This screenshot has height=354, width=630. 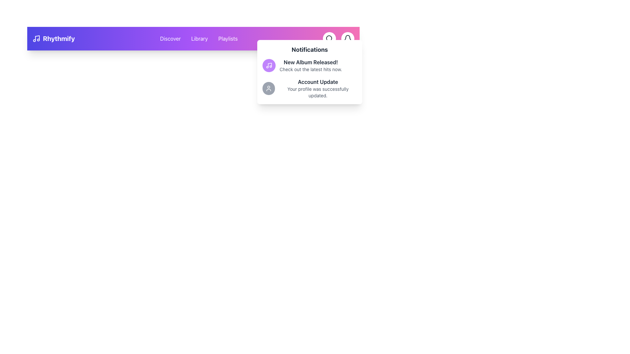 What do you see at coordinates (193, 39) in the screenshot?
I see `the navigation link in the Navigation Bar at the center of the interface` at bounding box center [193, 39].